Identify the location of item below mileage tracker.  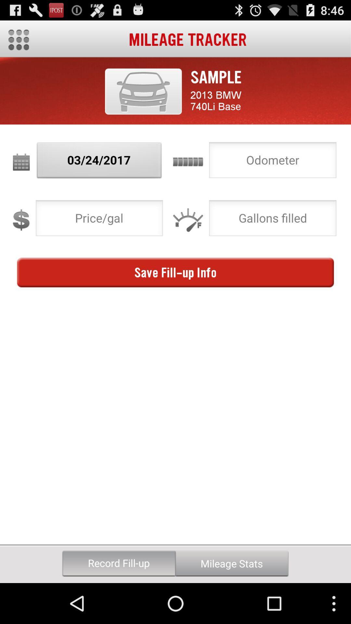
(143, 91).